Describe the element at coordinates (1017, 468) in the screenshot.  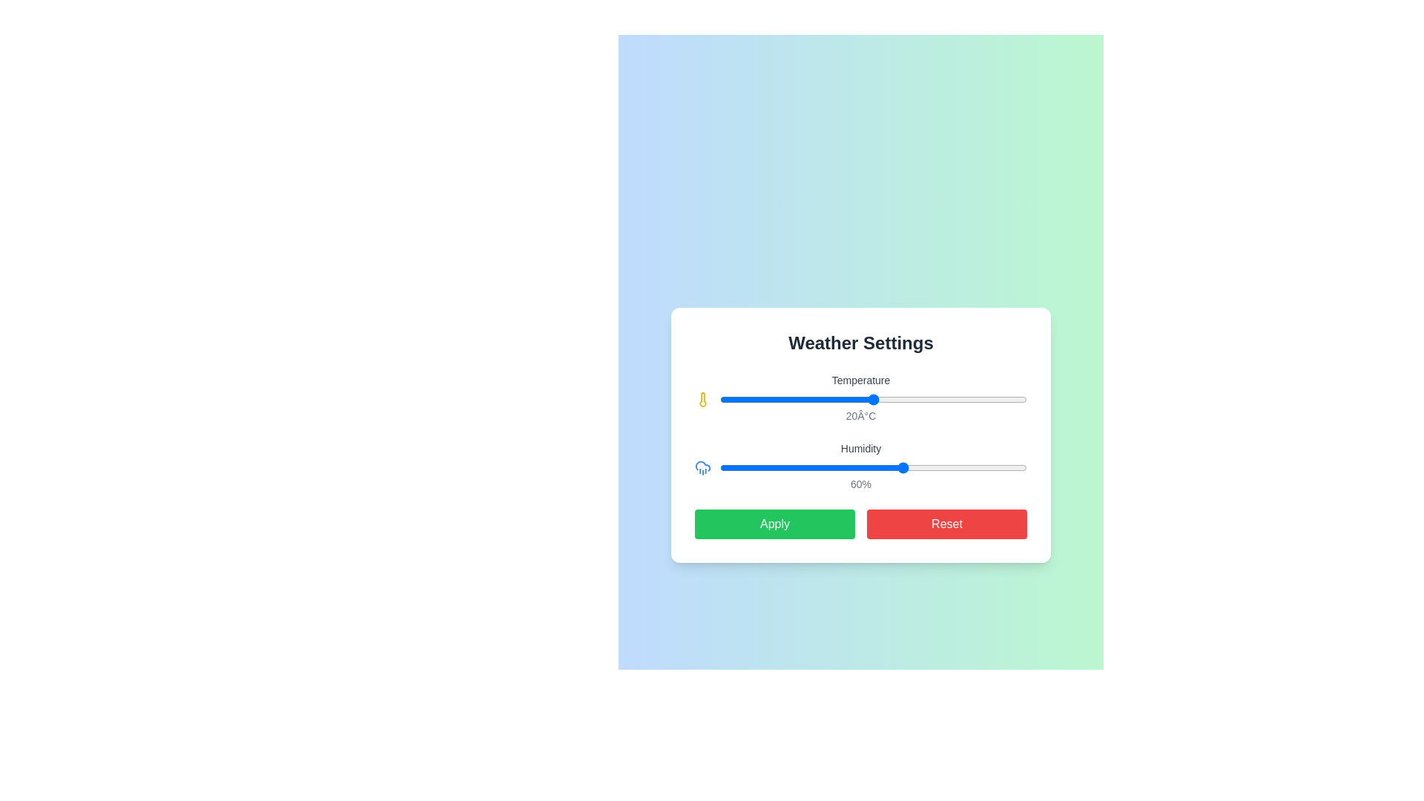
I see `the slider value` at that location.